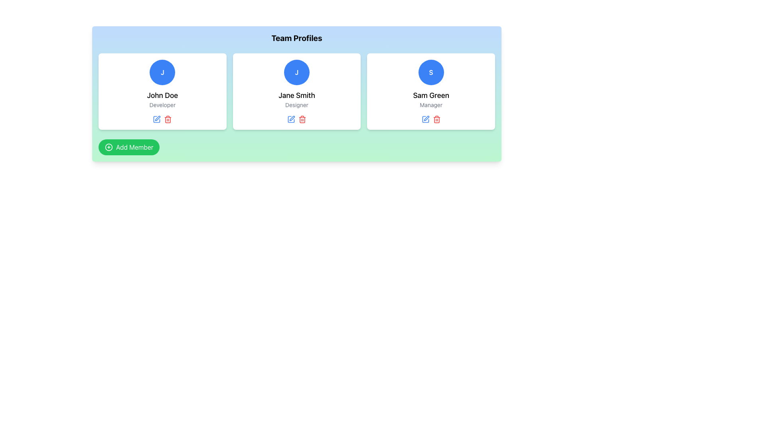 The image size is (766, 430). What do you see at coordinates (430, 95) in the screenshot?
I see `the text label displaying 'Sam Green' in the third profile card of the team profiles list` at bounding box center [430, 95].